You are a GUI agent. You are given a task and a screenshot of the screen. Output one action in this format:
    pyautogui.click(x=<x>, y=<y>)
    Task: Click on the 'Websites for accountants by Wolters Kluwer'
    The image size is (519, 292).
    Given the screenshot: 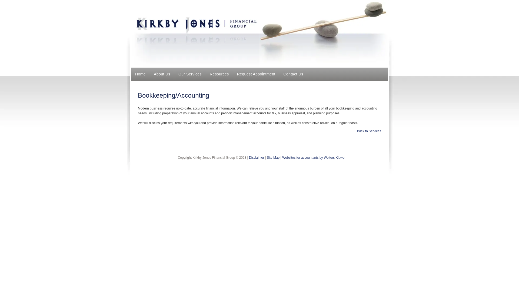 What is the action you would take?
    pyautogui.click(x=314, y=157)
    